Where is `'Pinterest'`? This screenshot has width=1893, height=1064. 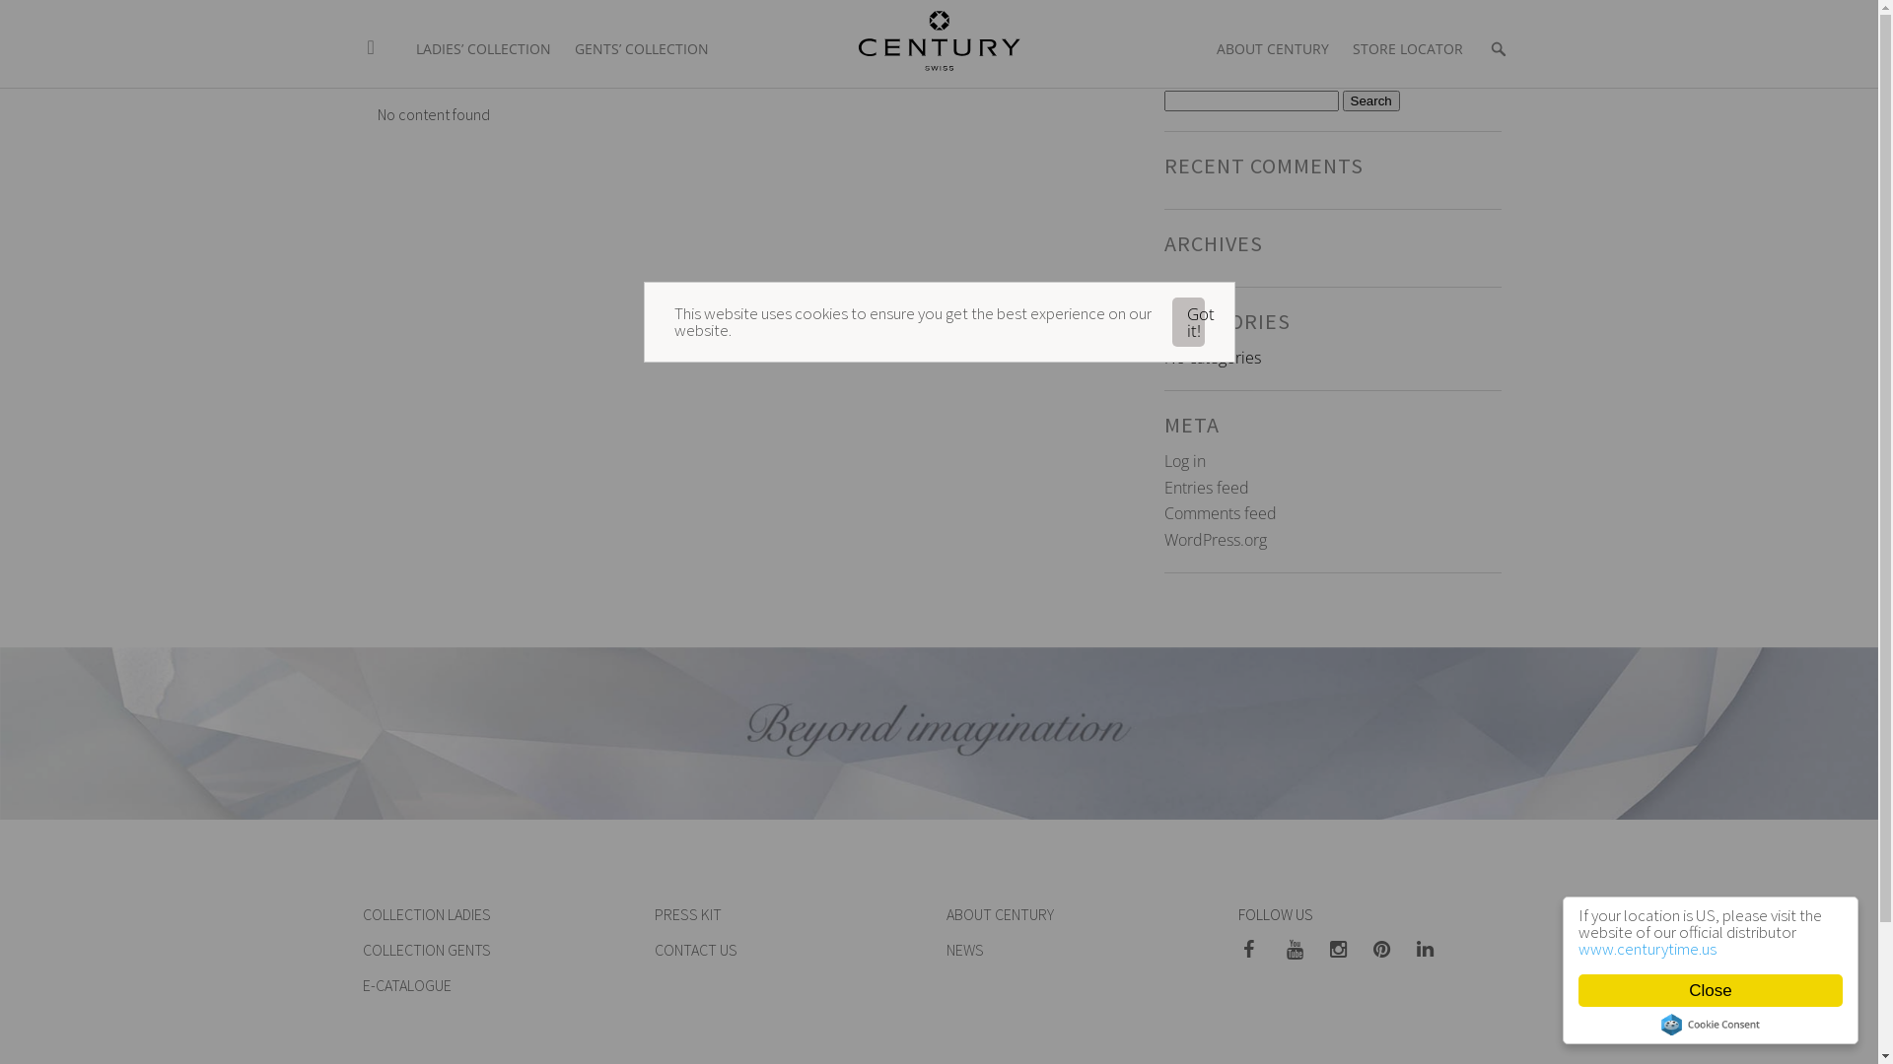
'Pinterest' is located at coordinates (1386, 949).